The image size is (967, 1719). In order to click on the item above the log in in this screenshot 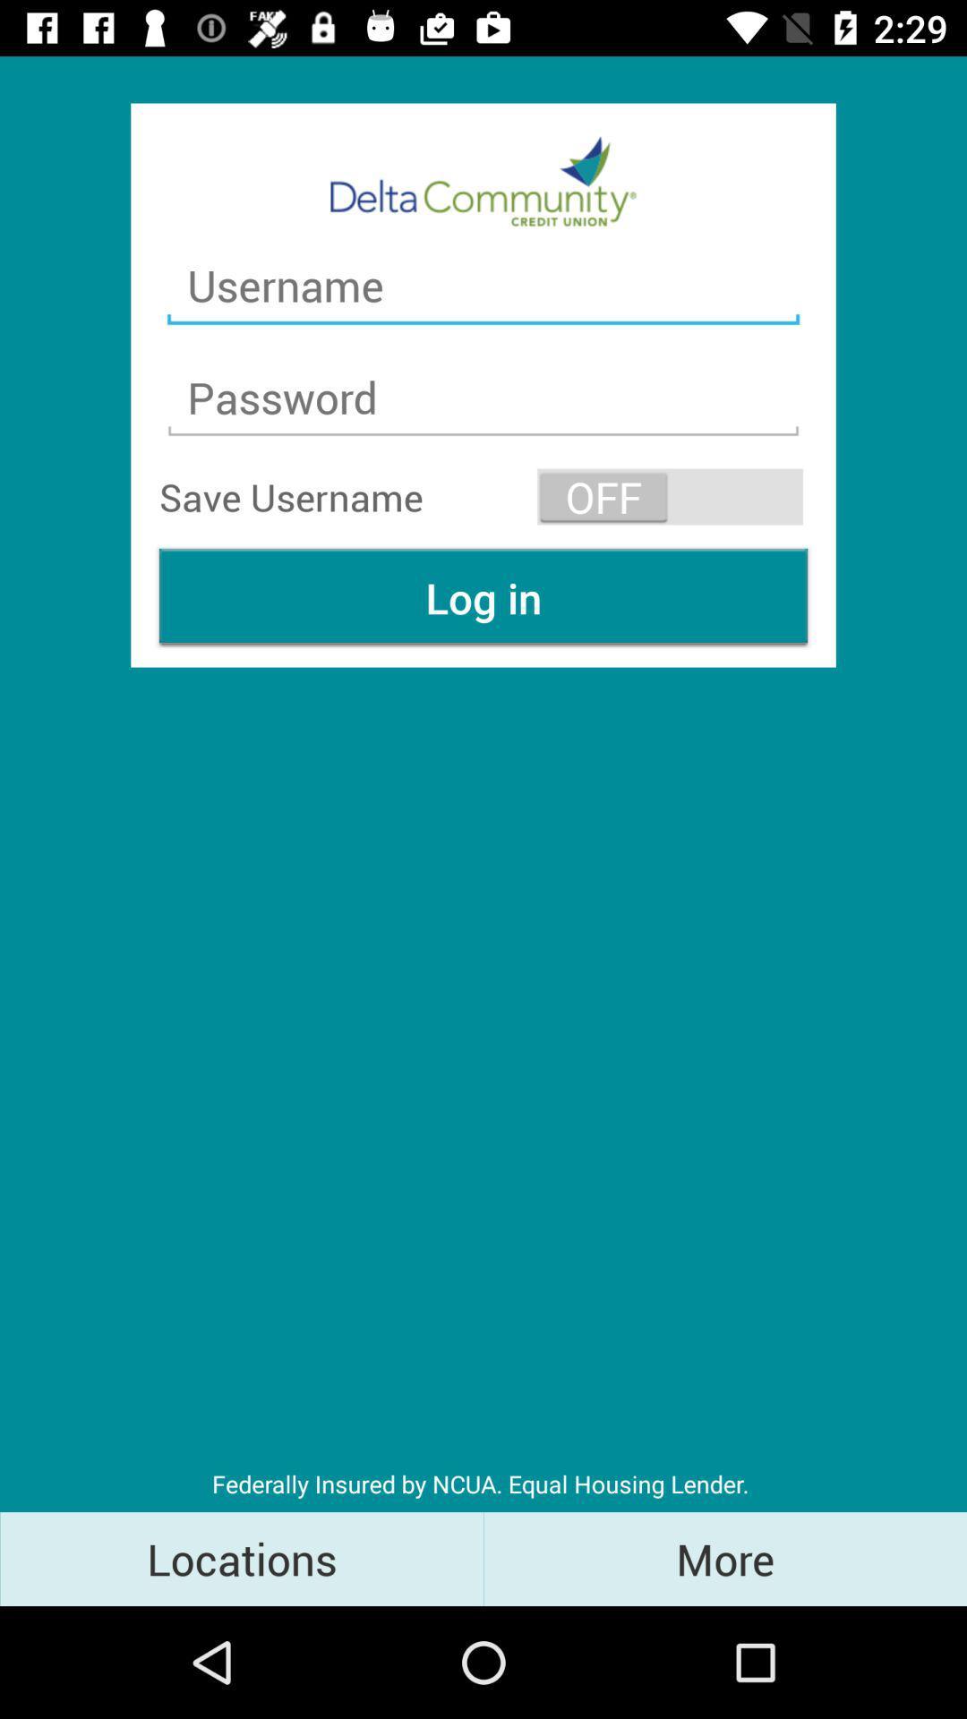, I will do `click(670, 497)`.